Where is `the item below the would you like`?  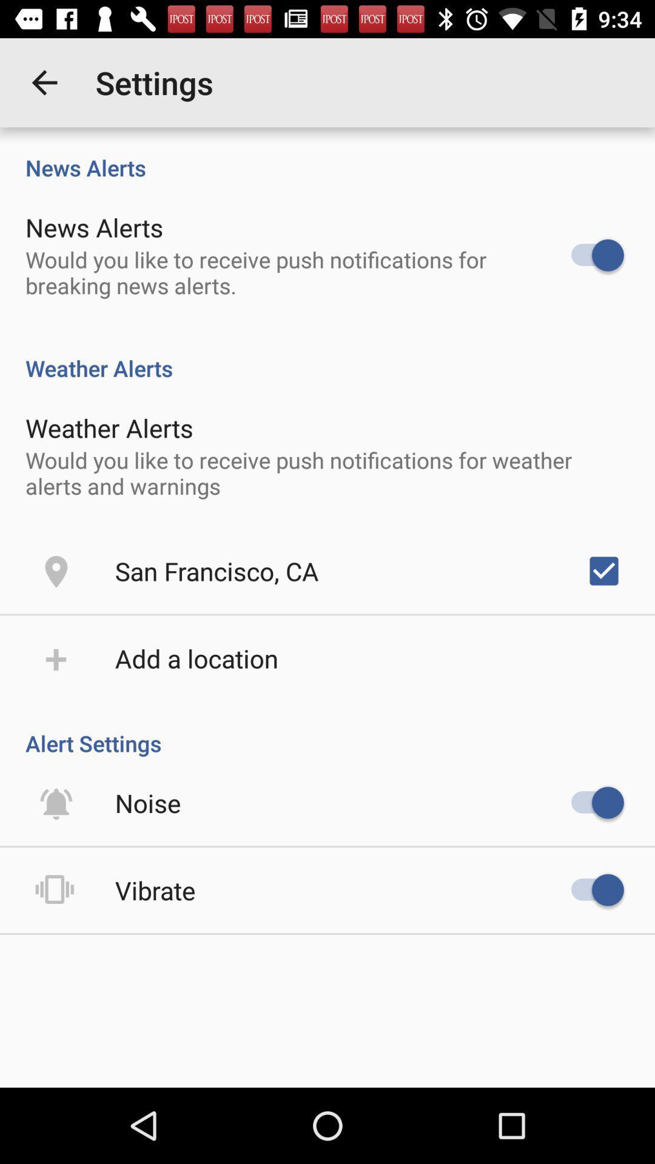 the item below the would you like is located at coordinates (216, 570).